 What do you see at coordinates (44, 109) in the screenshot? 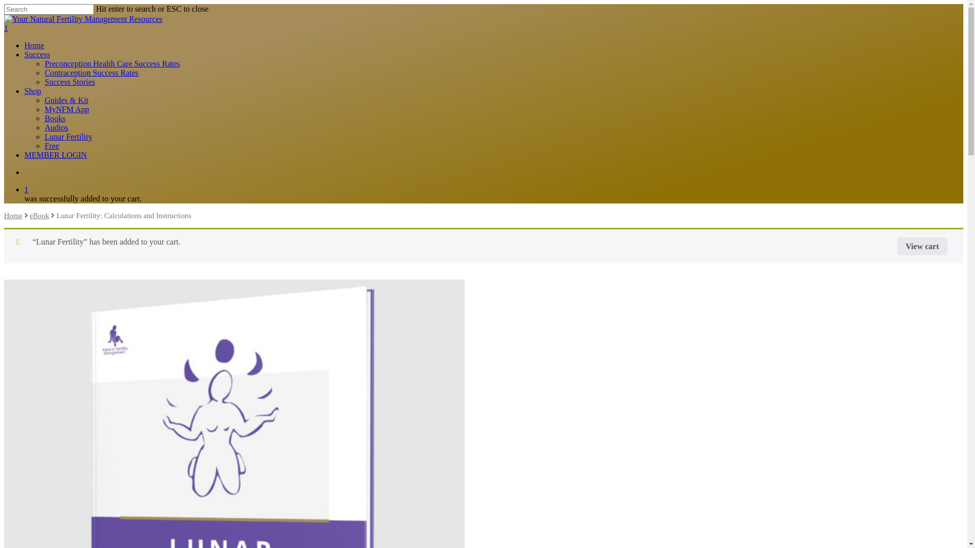
I see `'MyNFM App'` at bounding box center [44, 109].